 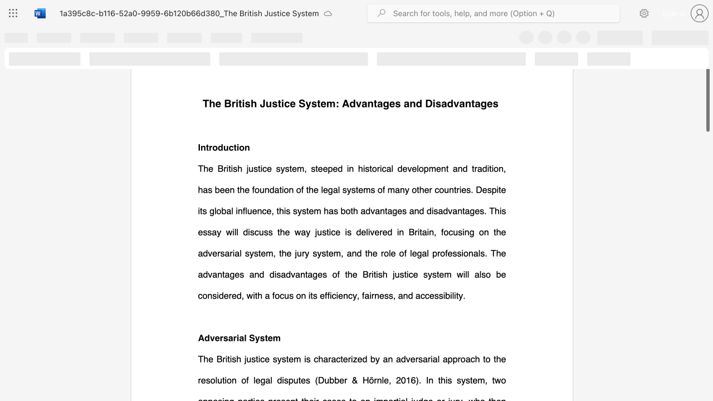 I want to click on the subset text "olution" within the text "The British justice system is characterized by an adversarial approach to the resolution of legal disputes", so click(x=210, y=379).